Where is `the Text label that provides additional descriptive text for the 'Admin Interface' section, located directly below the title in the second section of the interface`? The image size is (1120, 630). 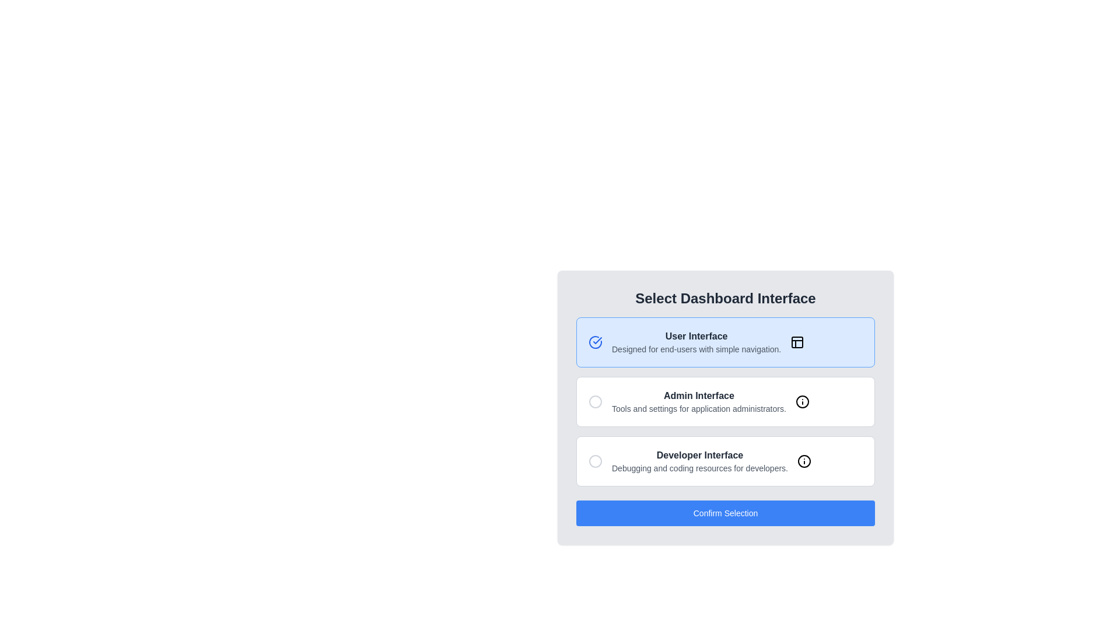 the Text label that provides additional descriptive text for the 'Admin Interface' section, located directly below the title in the second section of the interface is located at coordinates (699, 408).